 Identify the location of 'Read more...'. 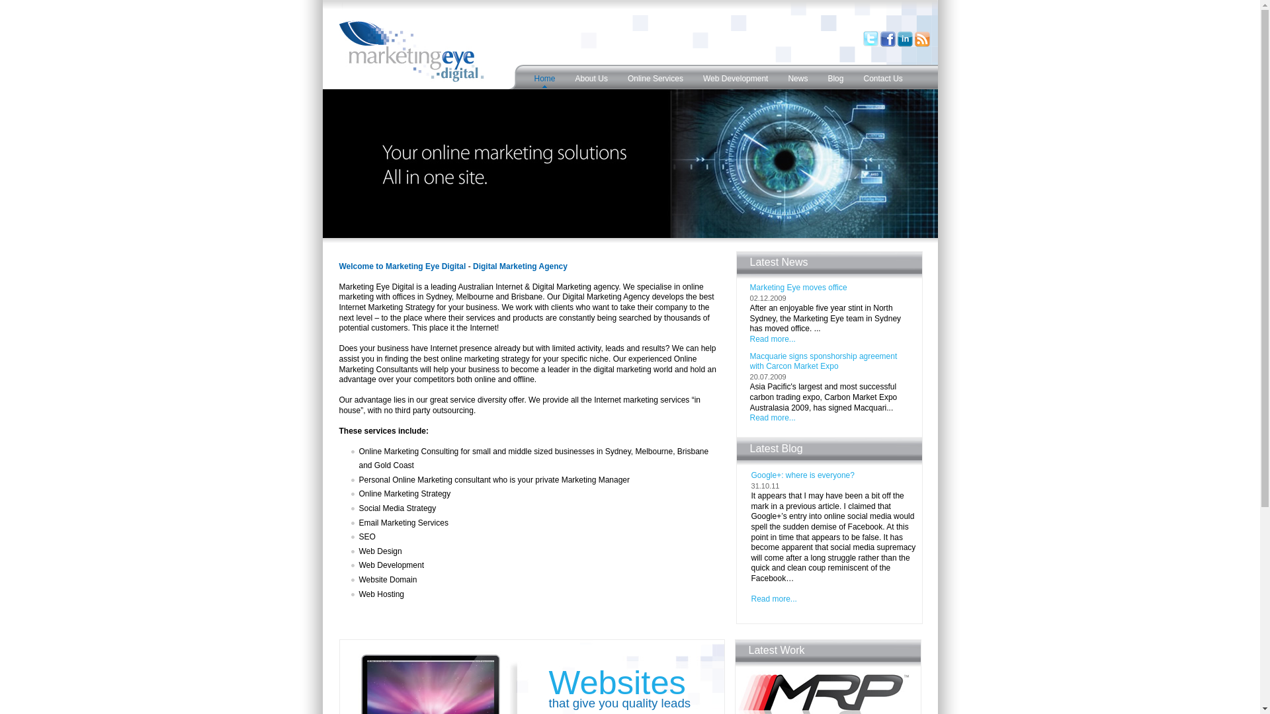
(773, 338).